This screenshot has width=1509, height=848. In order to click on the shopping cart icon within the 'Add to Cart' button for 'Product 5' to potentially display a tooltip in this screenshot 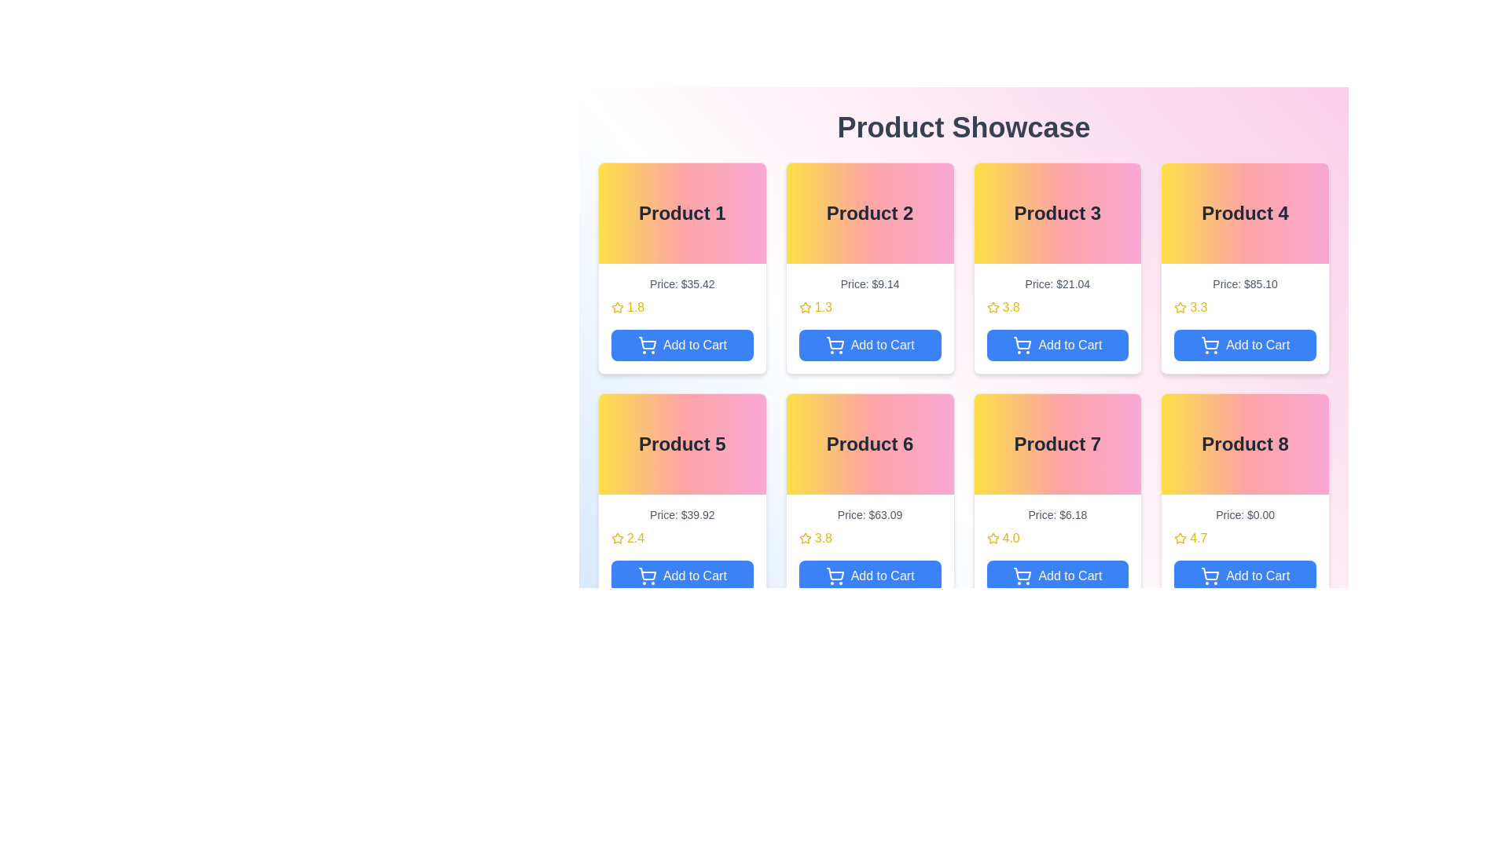, I will do `click(647, 576)`.